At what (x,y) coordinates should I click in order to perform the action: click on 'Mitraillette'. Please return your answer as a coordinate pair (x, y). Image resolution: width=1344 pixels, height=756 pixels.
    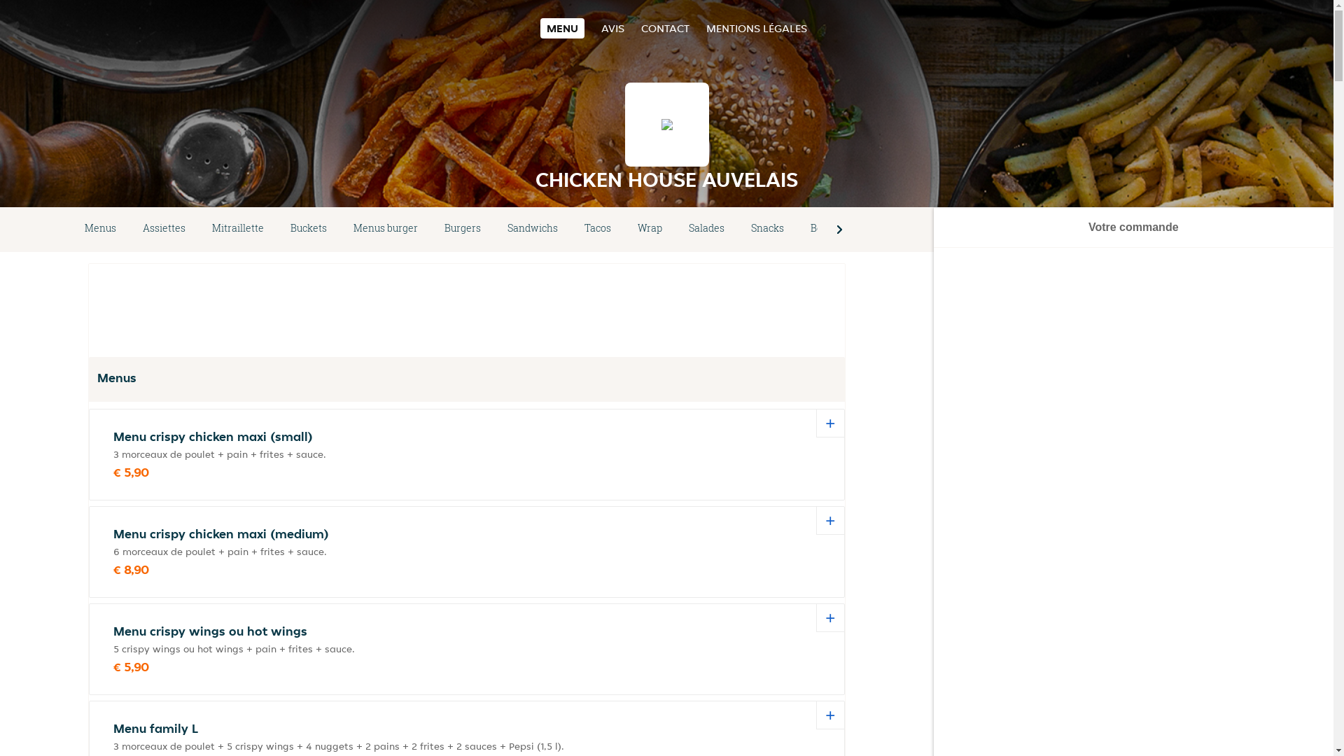
    Looking at the image, I should click on (197, 228).